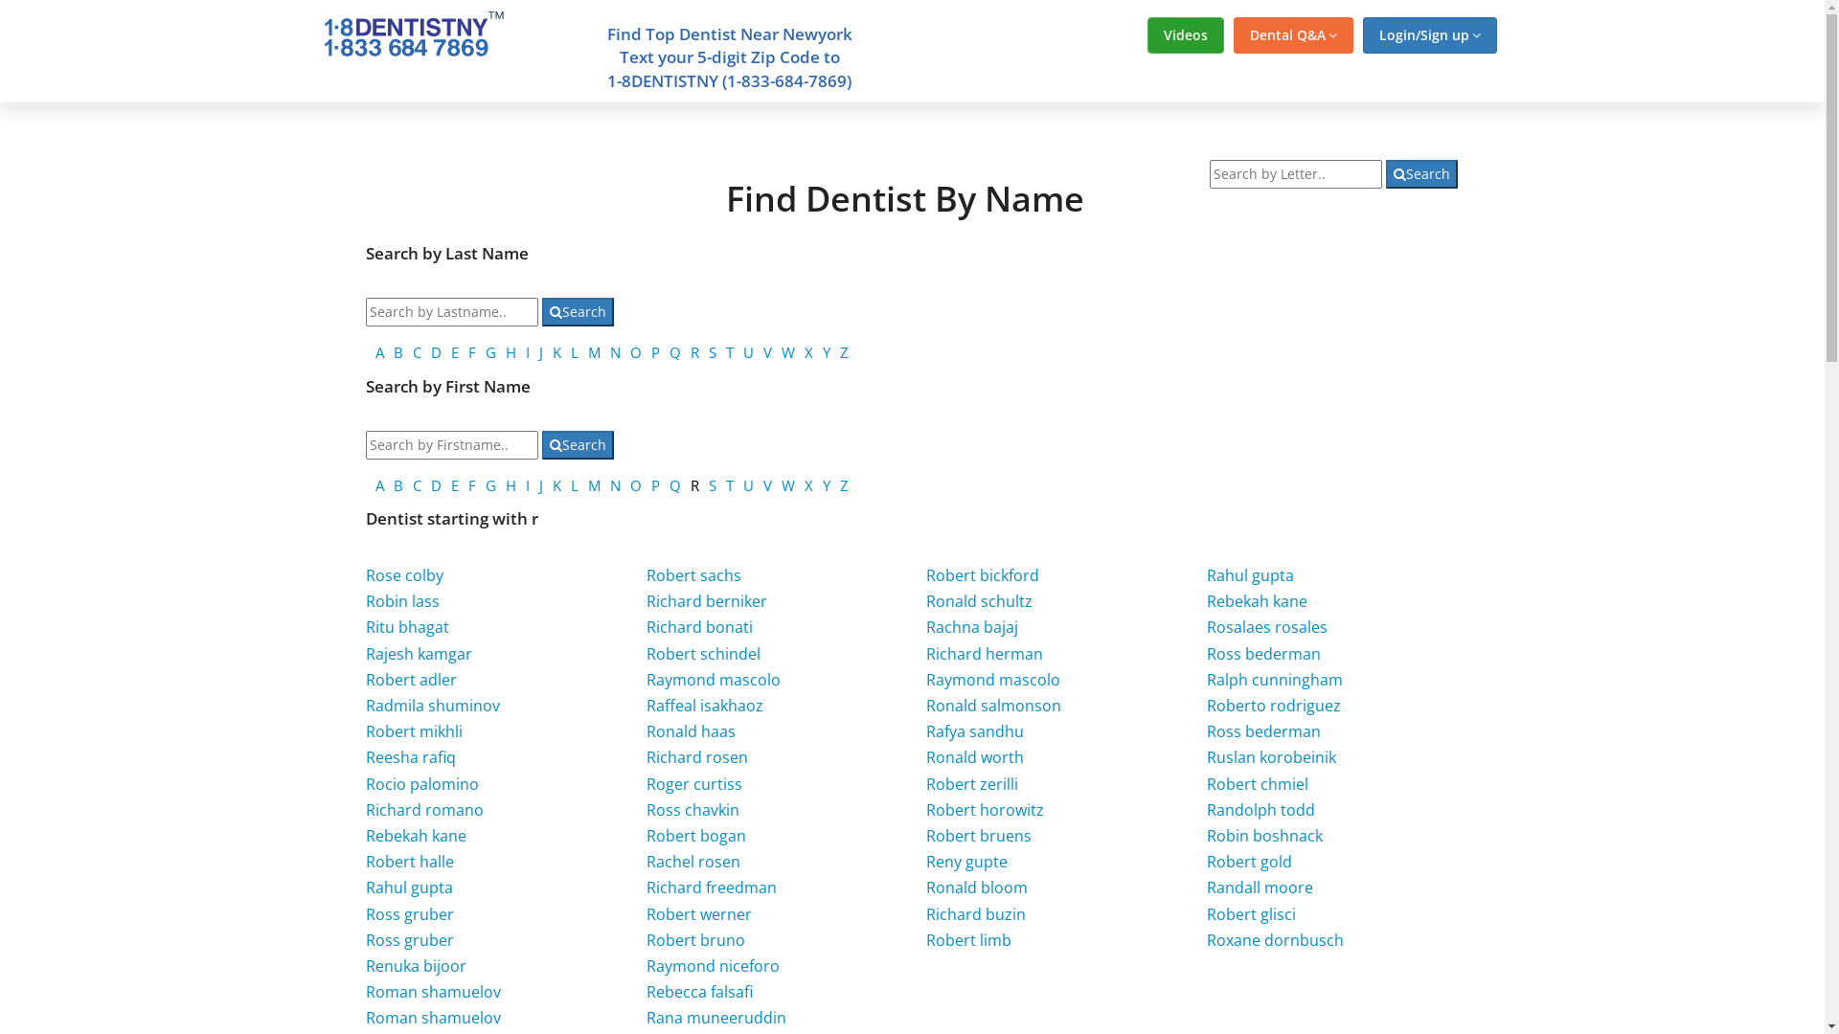  I want to click on 'R', so click(690, 351).